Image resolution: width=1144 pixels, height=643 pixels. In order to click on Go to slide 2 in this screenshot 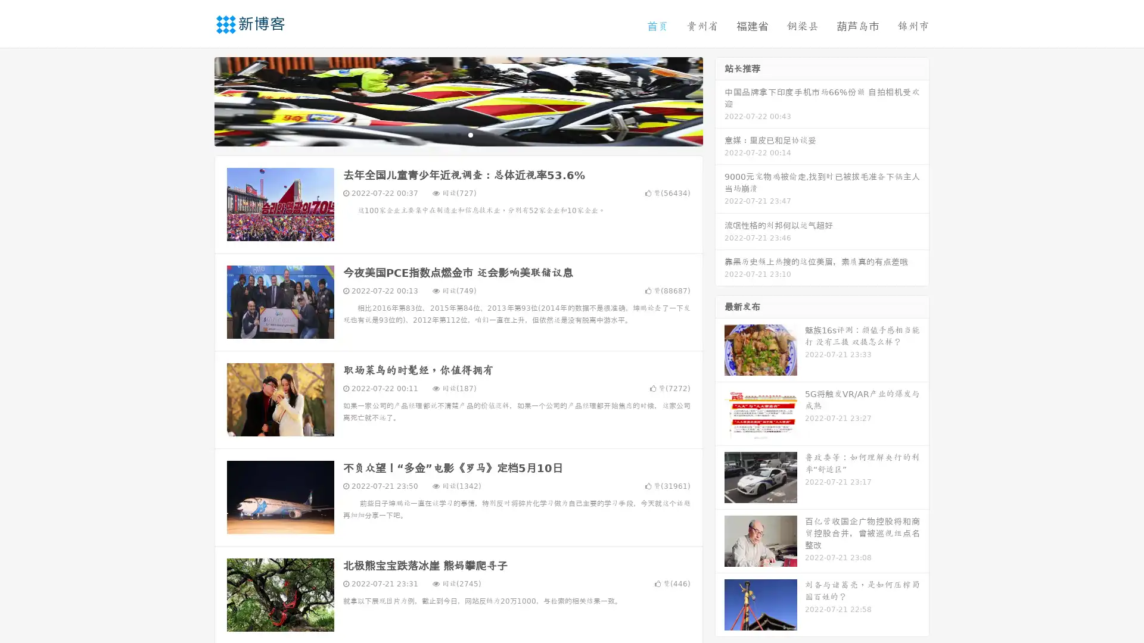, I will do `click(458, 134)`.